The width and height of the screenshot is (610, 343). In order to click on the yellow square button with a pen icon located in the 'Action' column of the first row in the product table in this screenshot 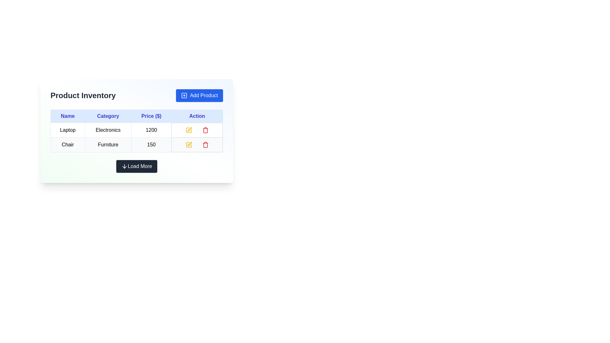, I will do `click(188, 130)`.